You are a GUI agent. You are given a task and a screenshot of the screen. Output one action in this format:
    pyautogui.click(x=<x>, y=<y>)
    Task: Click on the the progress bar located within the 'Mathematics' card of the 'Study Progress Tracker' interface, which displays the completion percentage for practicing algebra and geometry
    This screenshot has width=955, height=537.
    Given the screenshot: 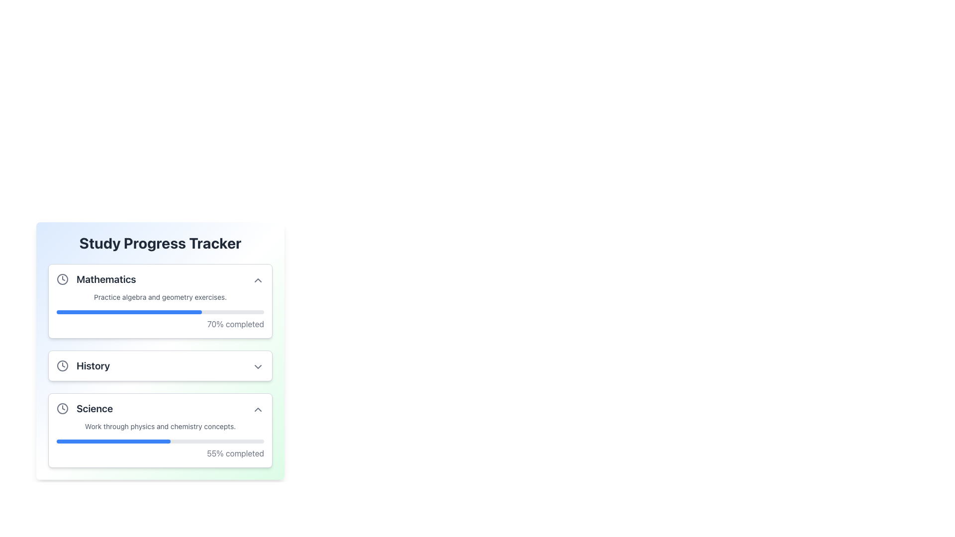 What is the action you would take?
    pyautogui.click(x=160, y=310)
    